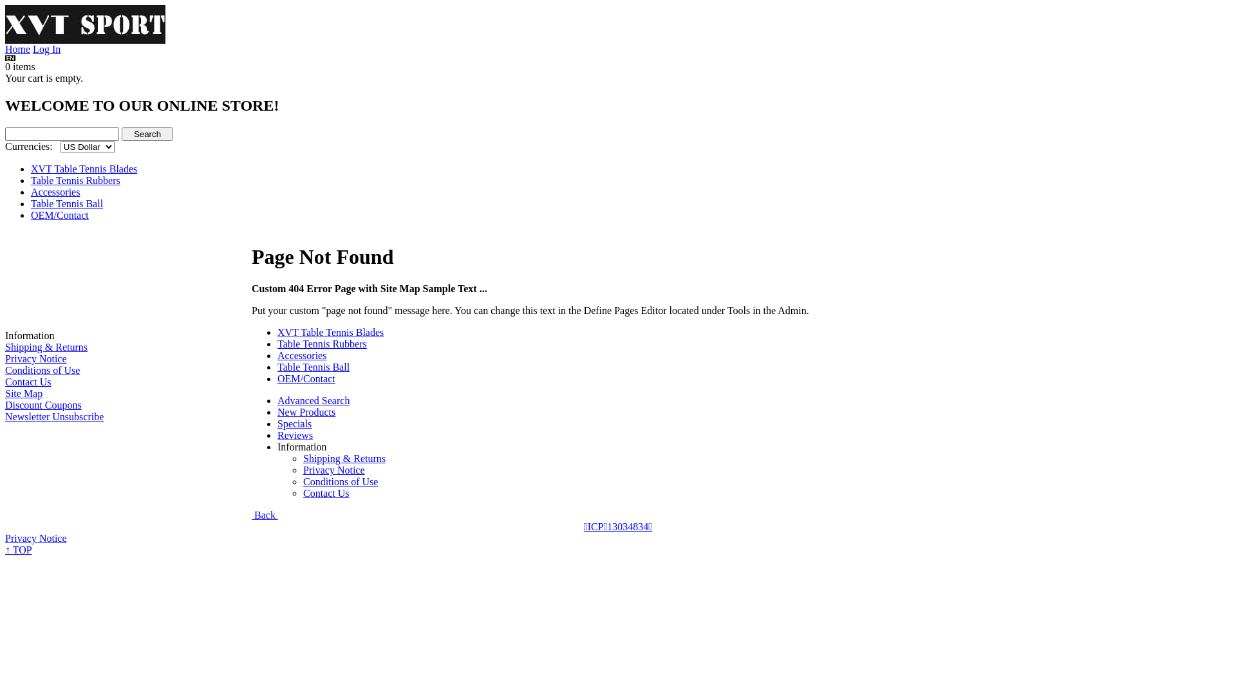 The width and height of the screenshot is (1236, 695). I want to click on 'Conditions of Use', so click(42, 370).